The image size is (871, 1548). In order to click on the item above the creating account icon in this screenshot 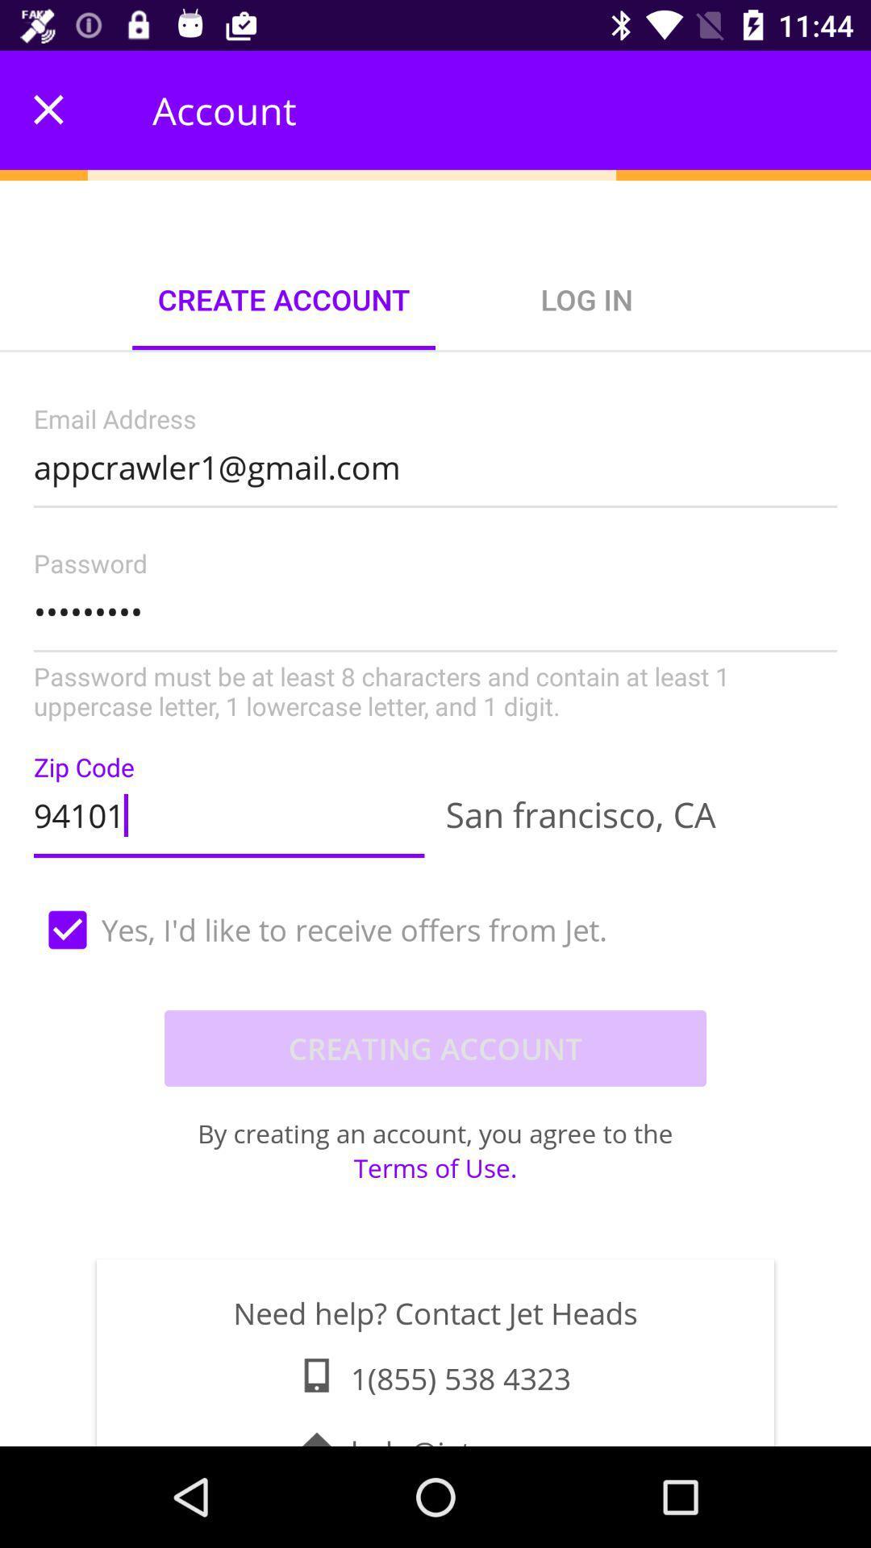, I will do `click(435, 930)`.